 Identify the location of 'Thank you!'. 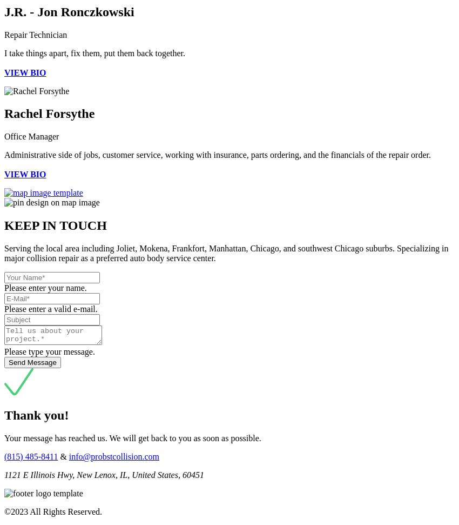
(36, 415).